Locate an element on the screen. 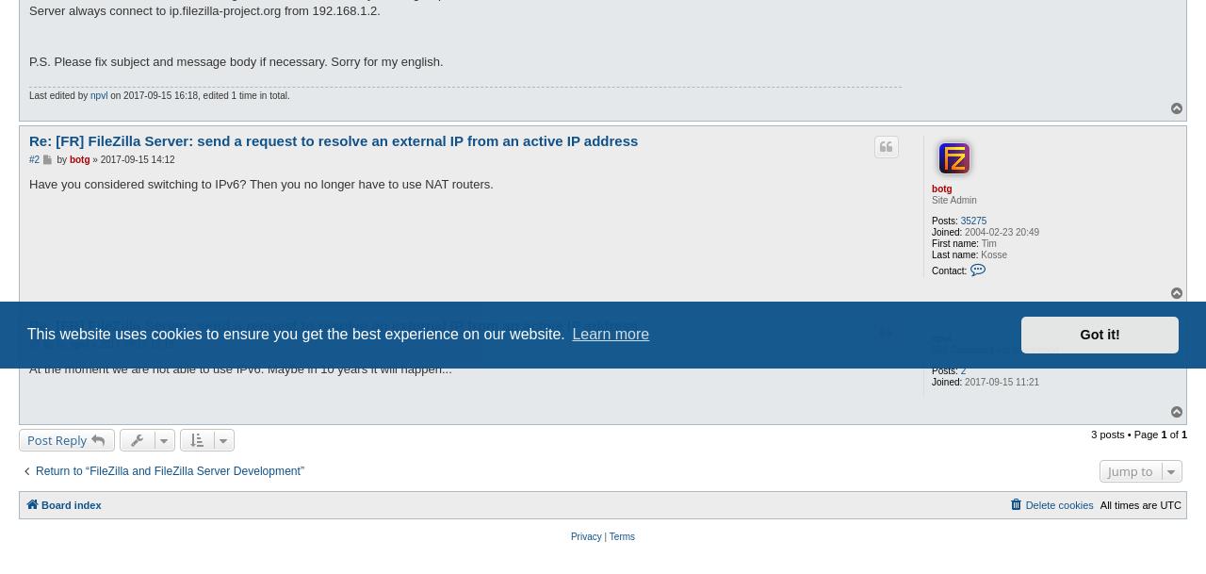 The width and height of the screenshot is (1206, 574). 'UTC' is located at coordinates (1169, 504).